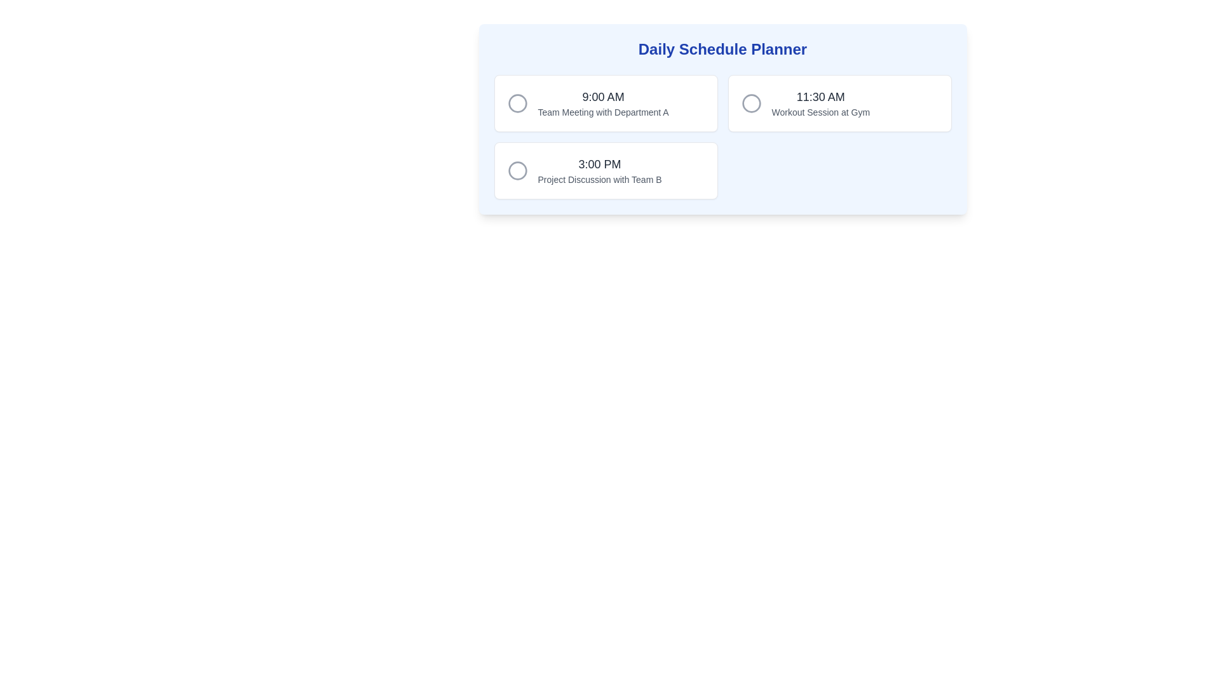 This screenshot has width=1220, height=686. What do you see at coordinates (517, 102) in the screenshot?
I see `the radio button next to the time slot labeled '9:00 AM - Team Meeting with Department A' in the Daily Schedule Planner interface for interaction` at bounding box center [517, 102].